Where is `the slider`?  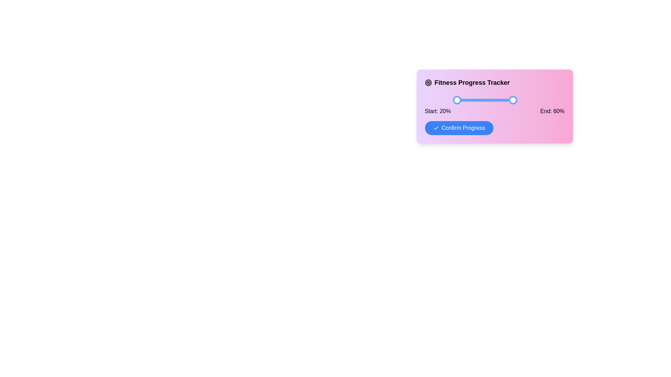
the slider is located at coordinates (489, 100).